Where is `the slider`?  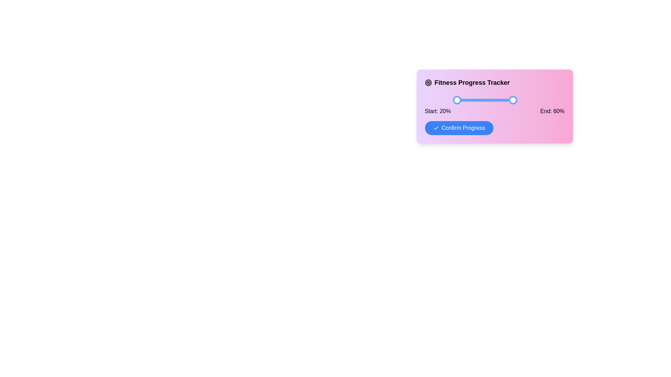
the slider is located at coordinates (489, 100).